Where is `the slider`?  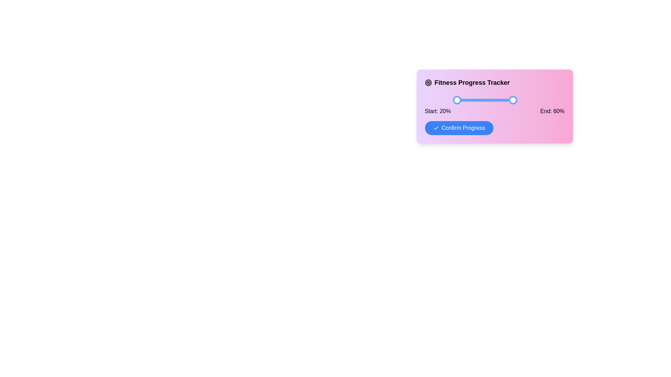
the slider is located at coordinates (489, 100).